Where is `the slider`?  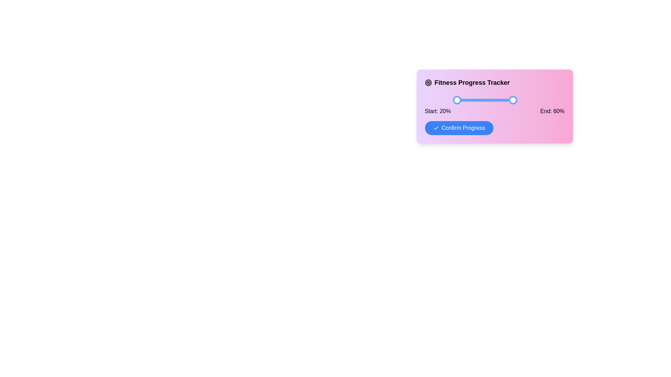
the slider is located at coordinates (489, 100).